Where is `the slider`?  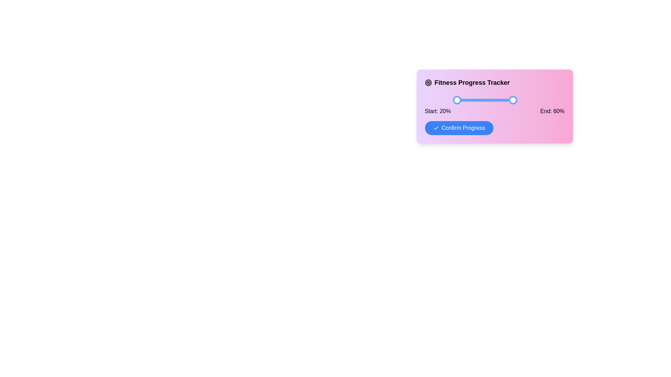
the slider is located at coordinates (489, 100).